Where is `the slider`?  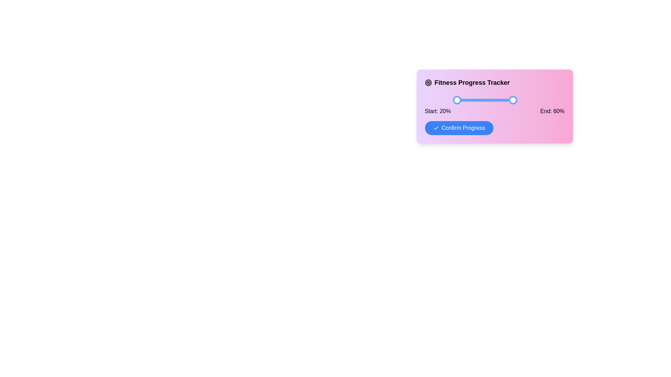
the slider is located at coordinates (489, 100).